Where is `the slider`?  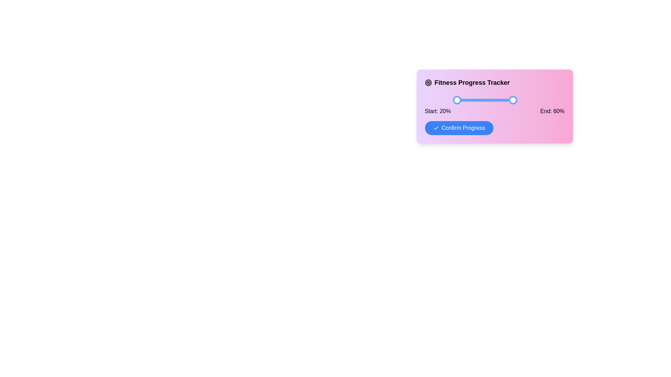
the slider is located at coordinates (489, 100).